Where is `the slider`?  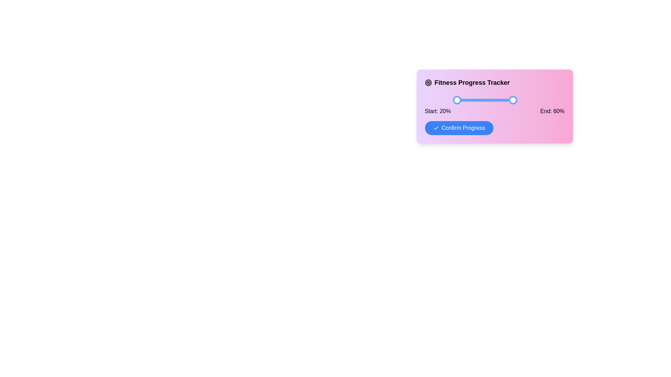
the slider is located at coordinates (489, 100).